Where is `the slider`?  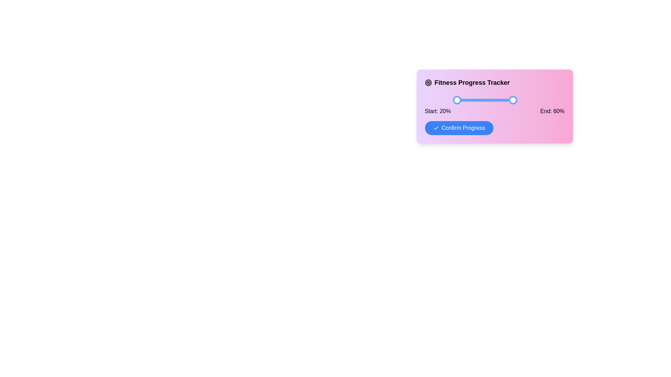
the slider is located at coordinates (489, 100).